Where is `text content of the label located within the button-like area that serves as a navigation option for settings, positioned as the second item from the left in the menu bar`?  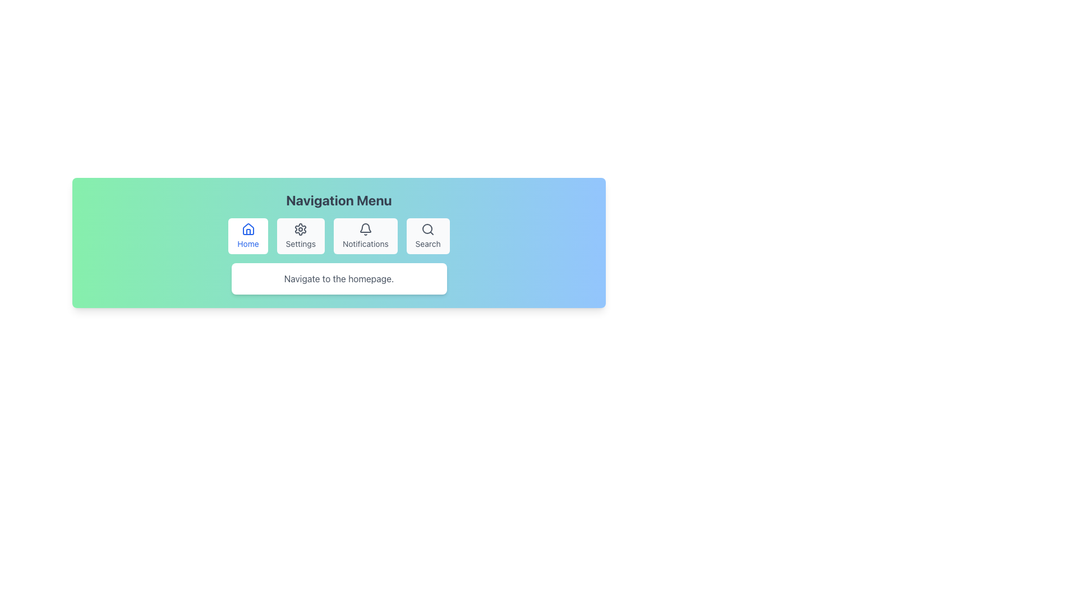
text content of the label located within the button-like area that serves as a navigation option for settings, positioned as the second item from the left in the menu bar is located at coordinates (301, 244).